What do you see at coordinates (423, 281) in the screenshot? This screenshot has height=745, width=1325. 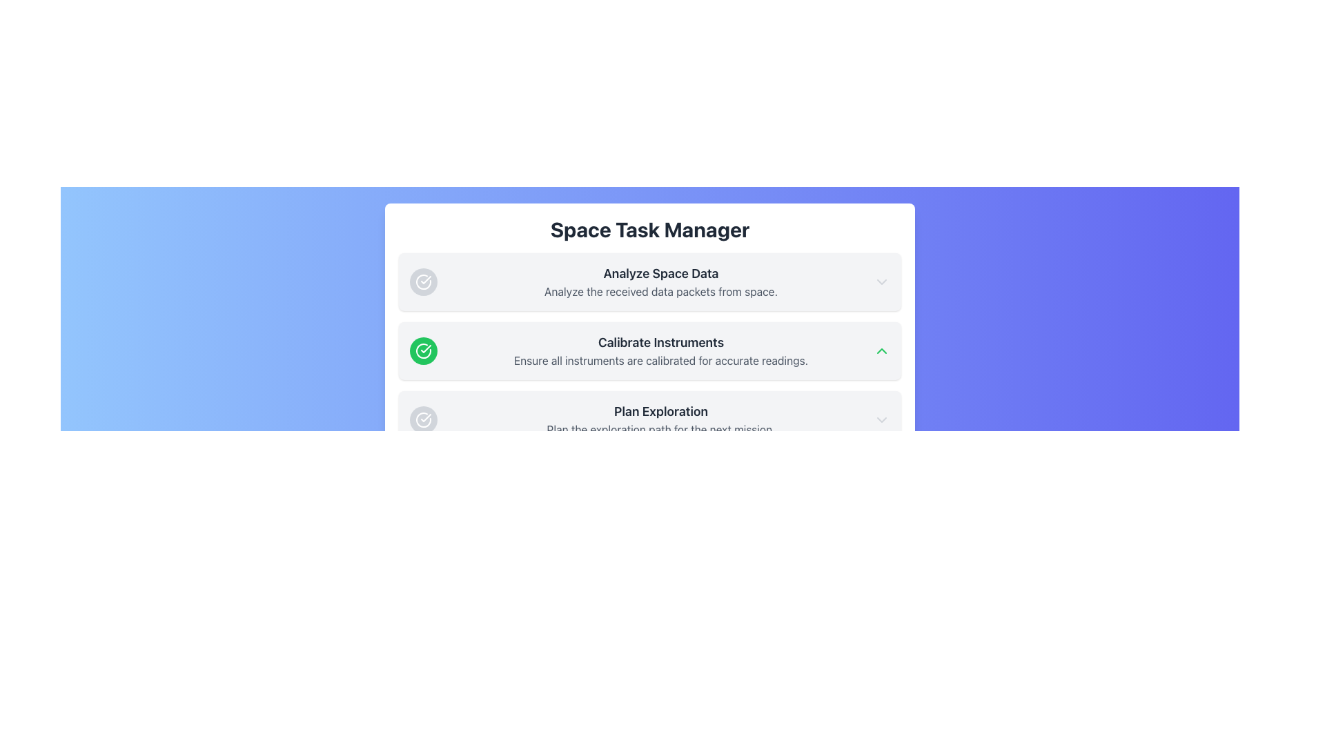 I see `the circular segment element of the icon on the left side of the 'Calibrate Instruments' task panel` at bounding box center [423, 281].